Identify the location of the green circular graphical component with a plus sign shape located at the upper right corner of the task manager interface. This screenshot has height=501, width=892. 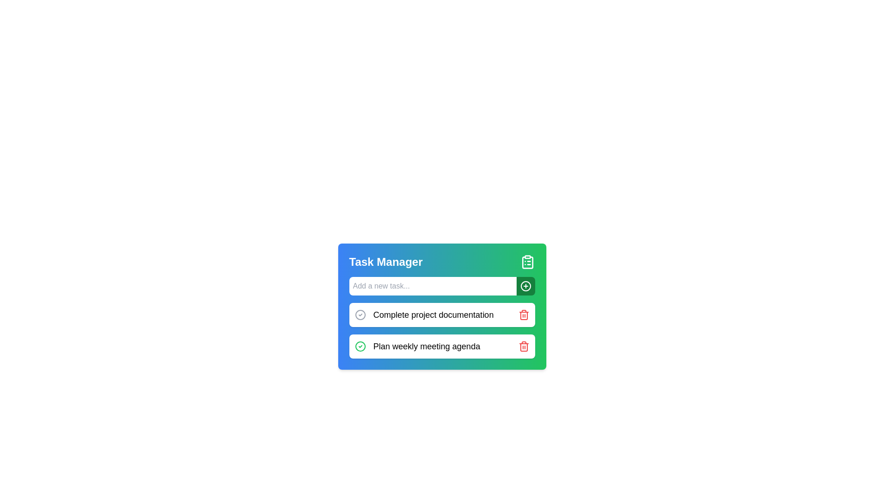
(525, 286).